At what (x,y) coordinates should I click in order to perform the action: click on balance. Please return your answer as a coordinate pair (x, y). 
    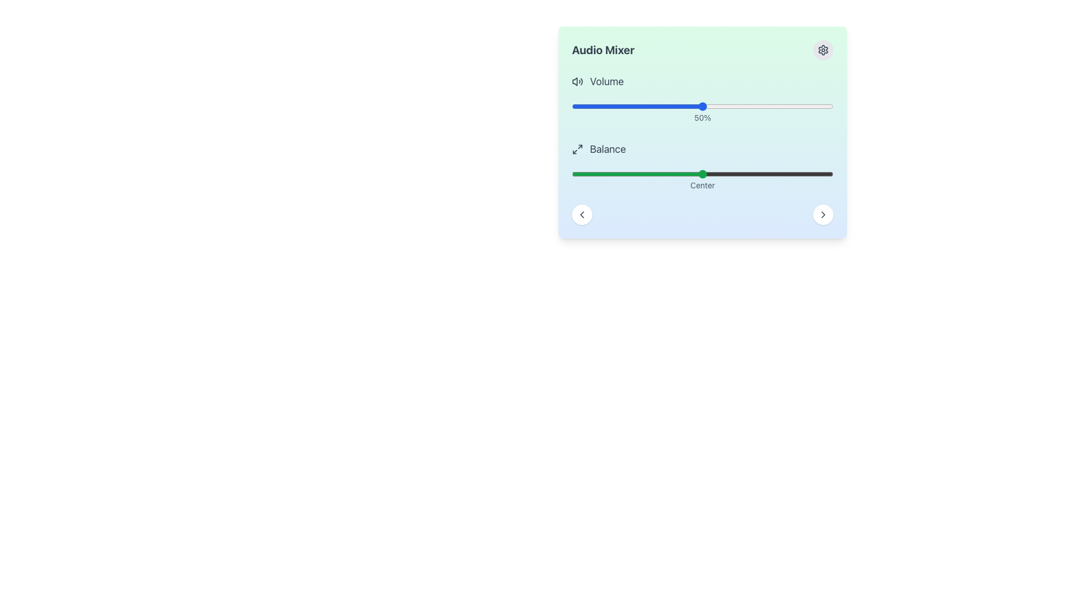
    Looking at the image, I should click on (704, 174).